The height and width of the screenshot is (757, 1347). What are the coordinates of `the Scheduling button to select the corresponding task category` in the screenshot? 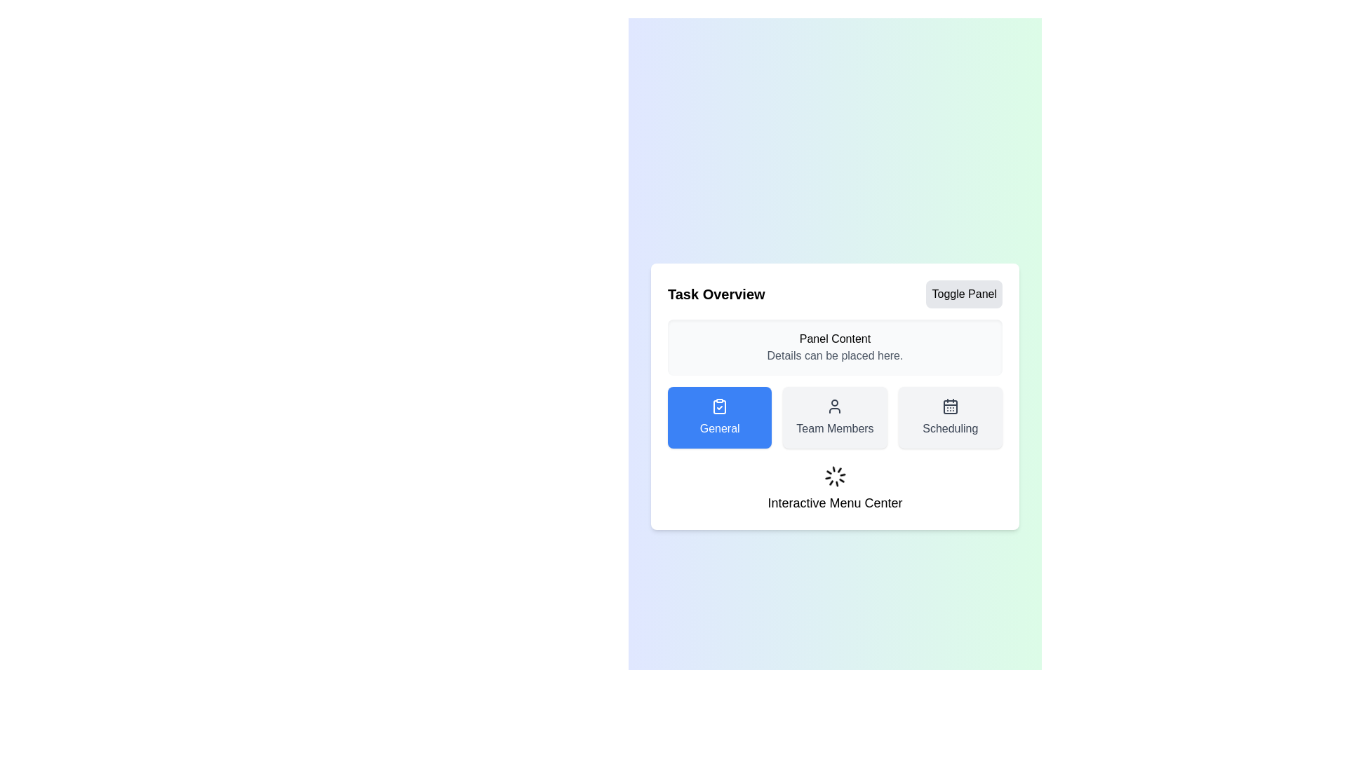 It's located at (949, 417).